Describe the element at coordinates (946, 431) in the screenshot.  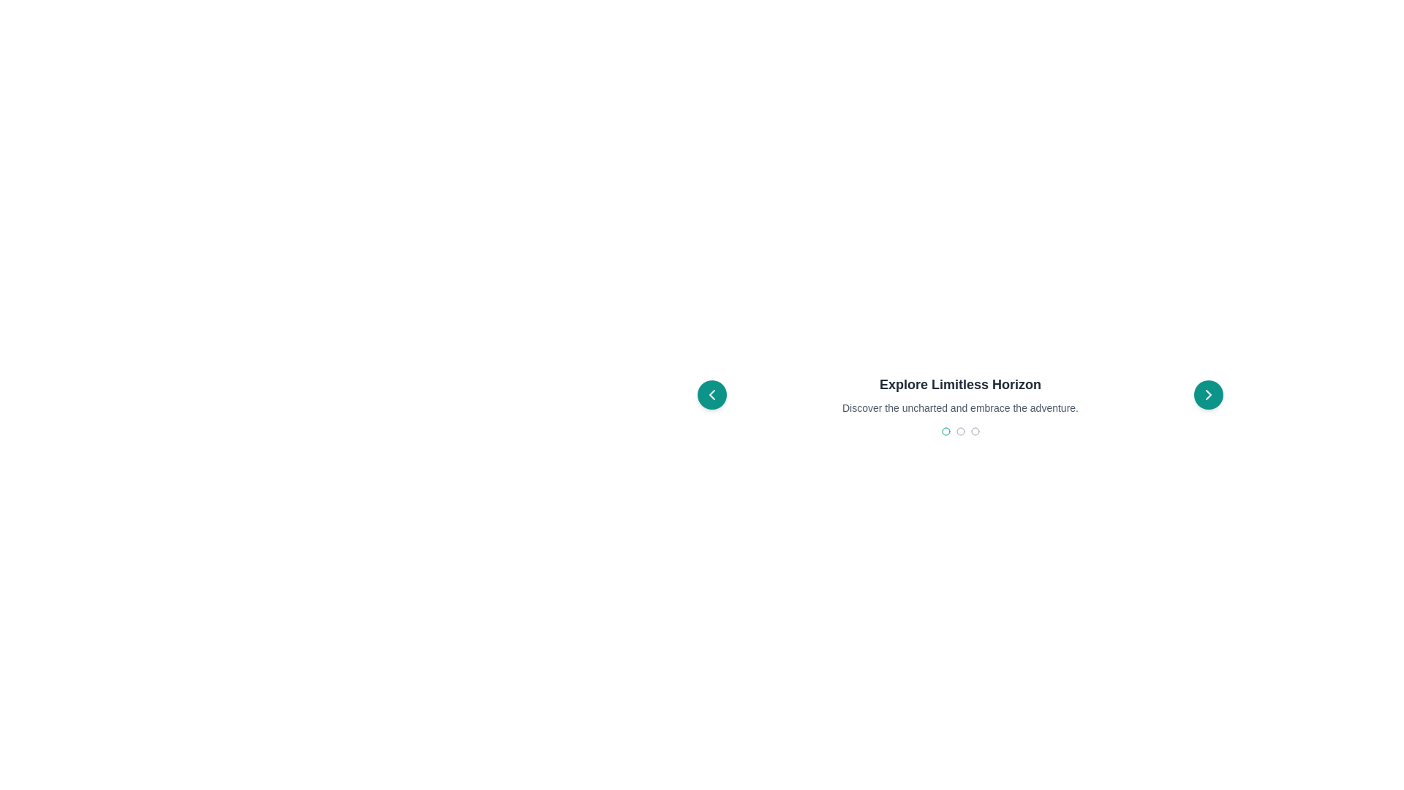
I see `the first circular navigation indicator with a teal border and lighter teal filling, located below the title 'Explore Limitless Horizon' and its subtitle` at that location.